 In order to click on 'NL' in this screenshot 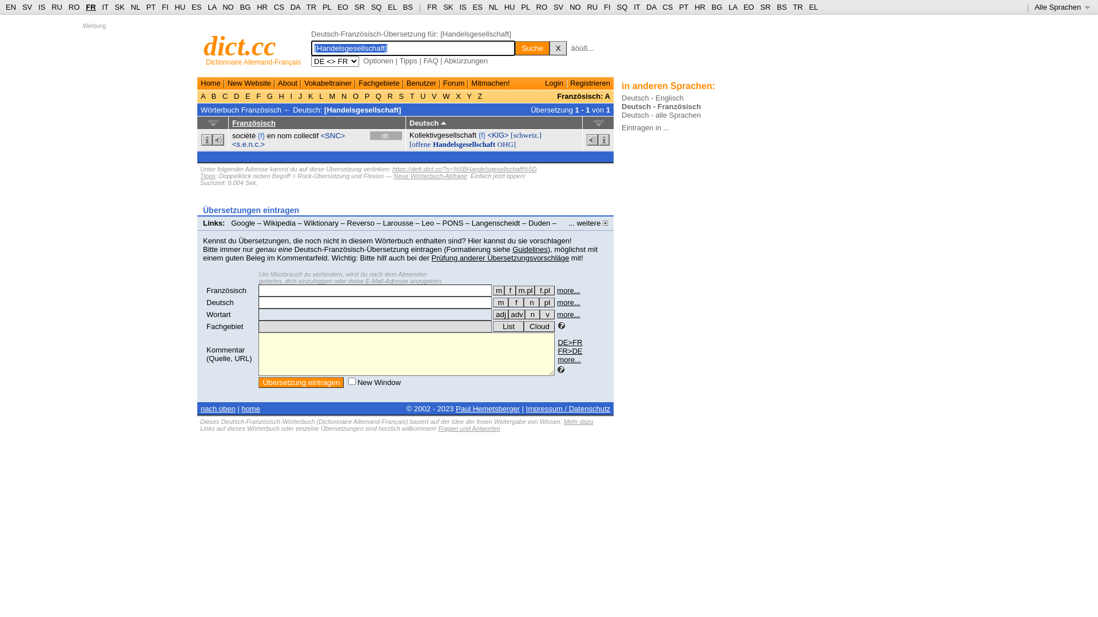, I will do `click(494, 7)`.